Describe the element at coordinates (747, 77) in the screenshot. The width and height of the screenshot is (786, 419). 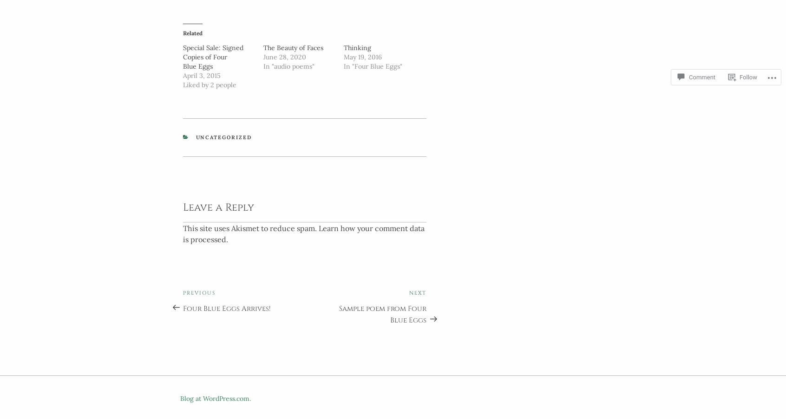
I see `'Follow'` at that location.